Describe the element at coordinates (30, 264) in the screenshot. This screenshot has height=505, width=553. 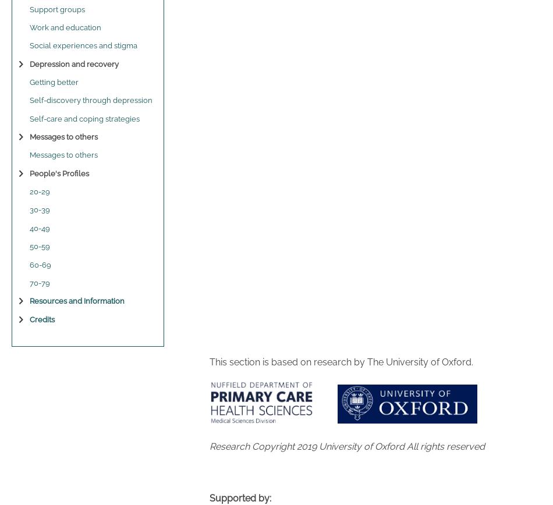
I see `'60-69'` at that location.